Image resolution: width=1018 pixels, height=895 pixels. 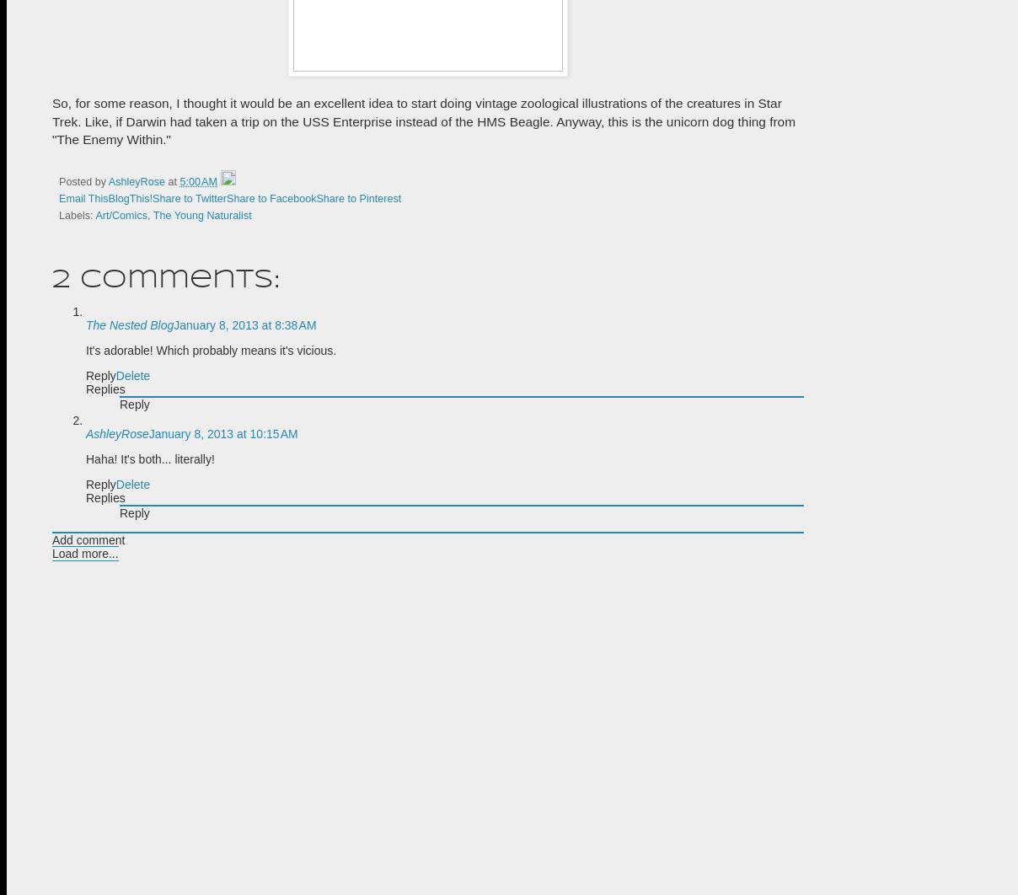 What do you see at coordinates (51, 553) in the screenshot?
I see `'Load more...'` at bounding box center [51, 553].